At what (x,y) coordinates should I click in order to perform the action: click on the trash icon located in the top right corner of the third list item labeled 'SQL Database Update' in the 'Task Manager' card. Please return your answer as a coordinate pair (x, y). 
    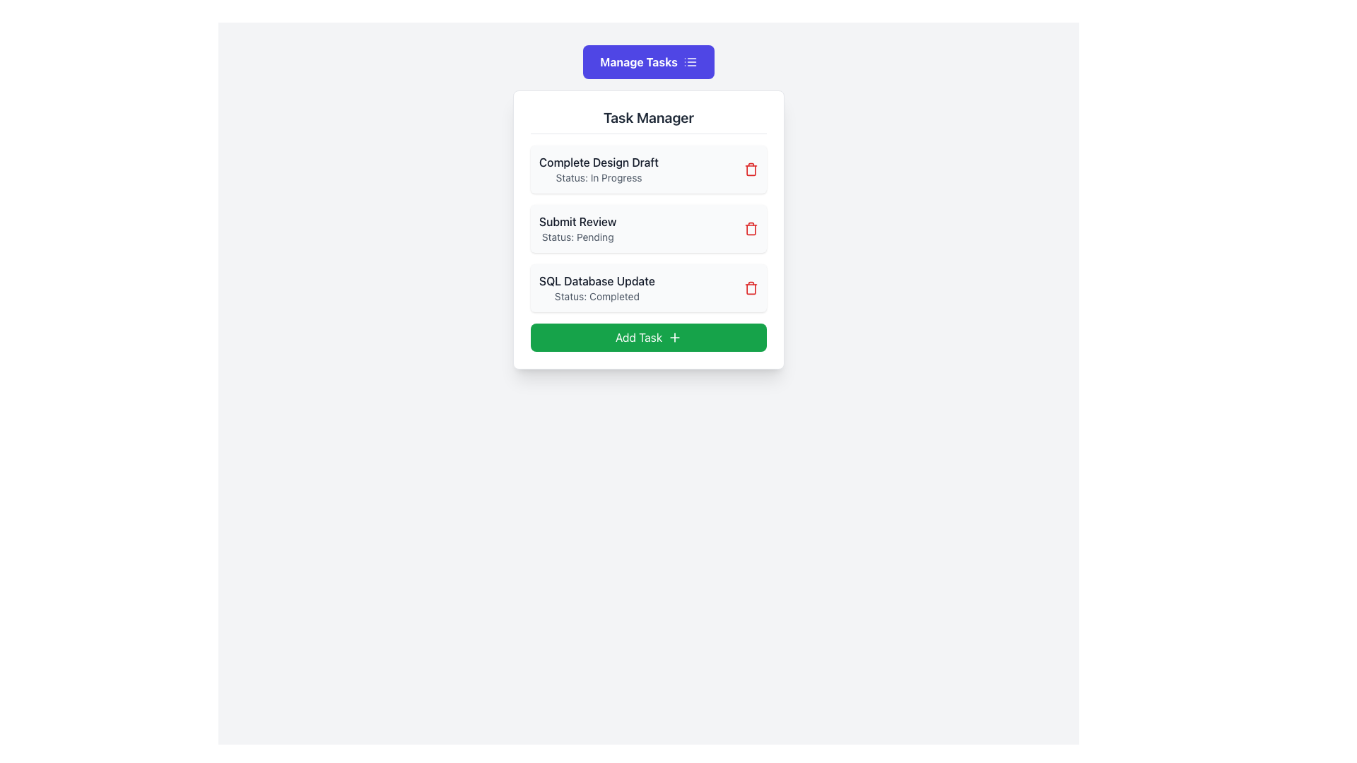
    Looking at the image, I should click on (750, 288).